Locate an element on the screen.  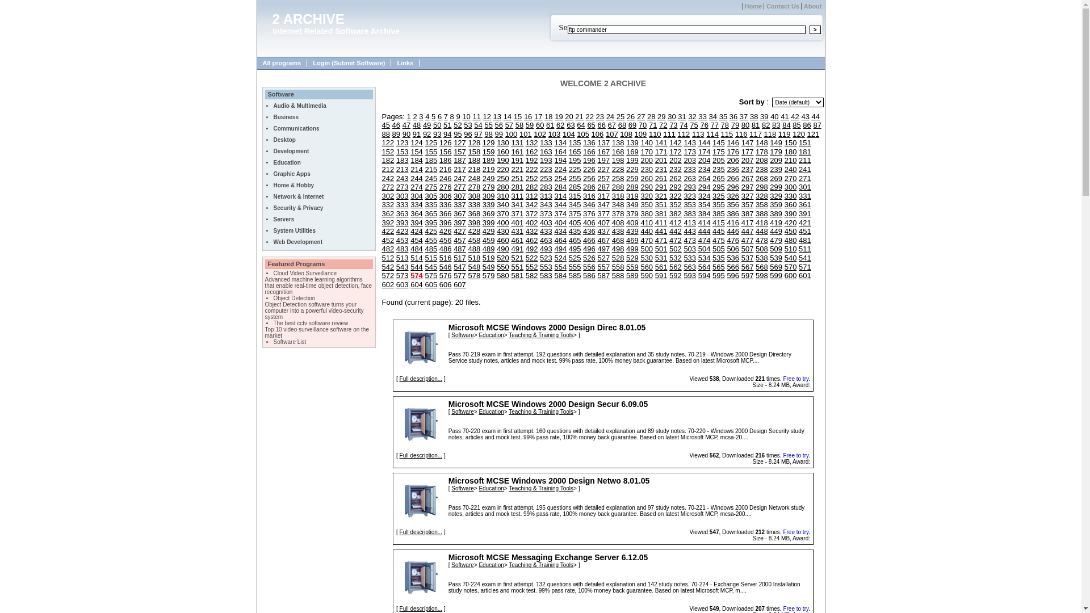
'2' is located at coordinates (414, 116).